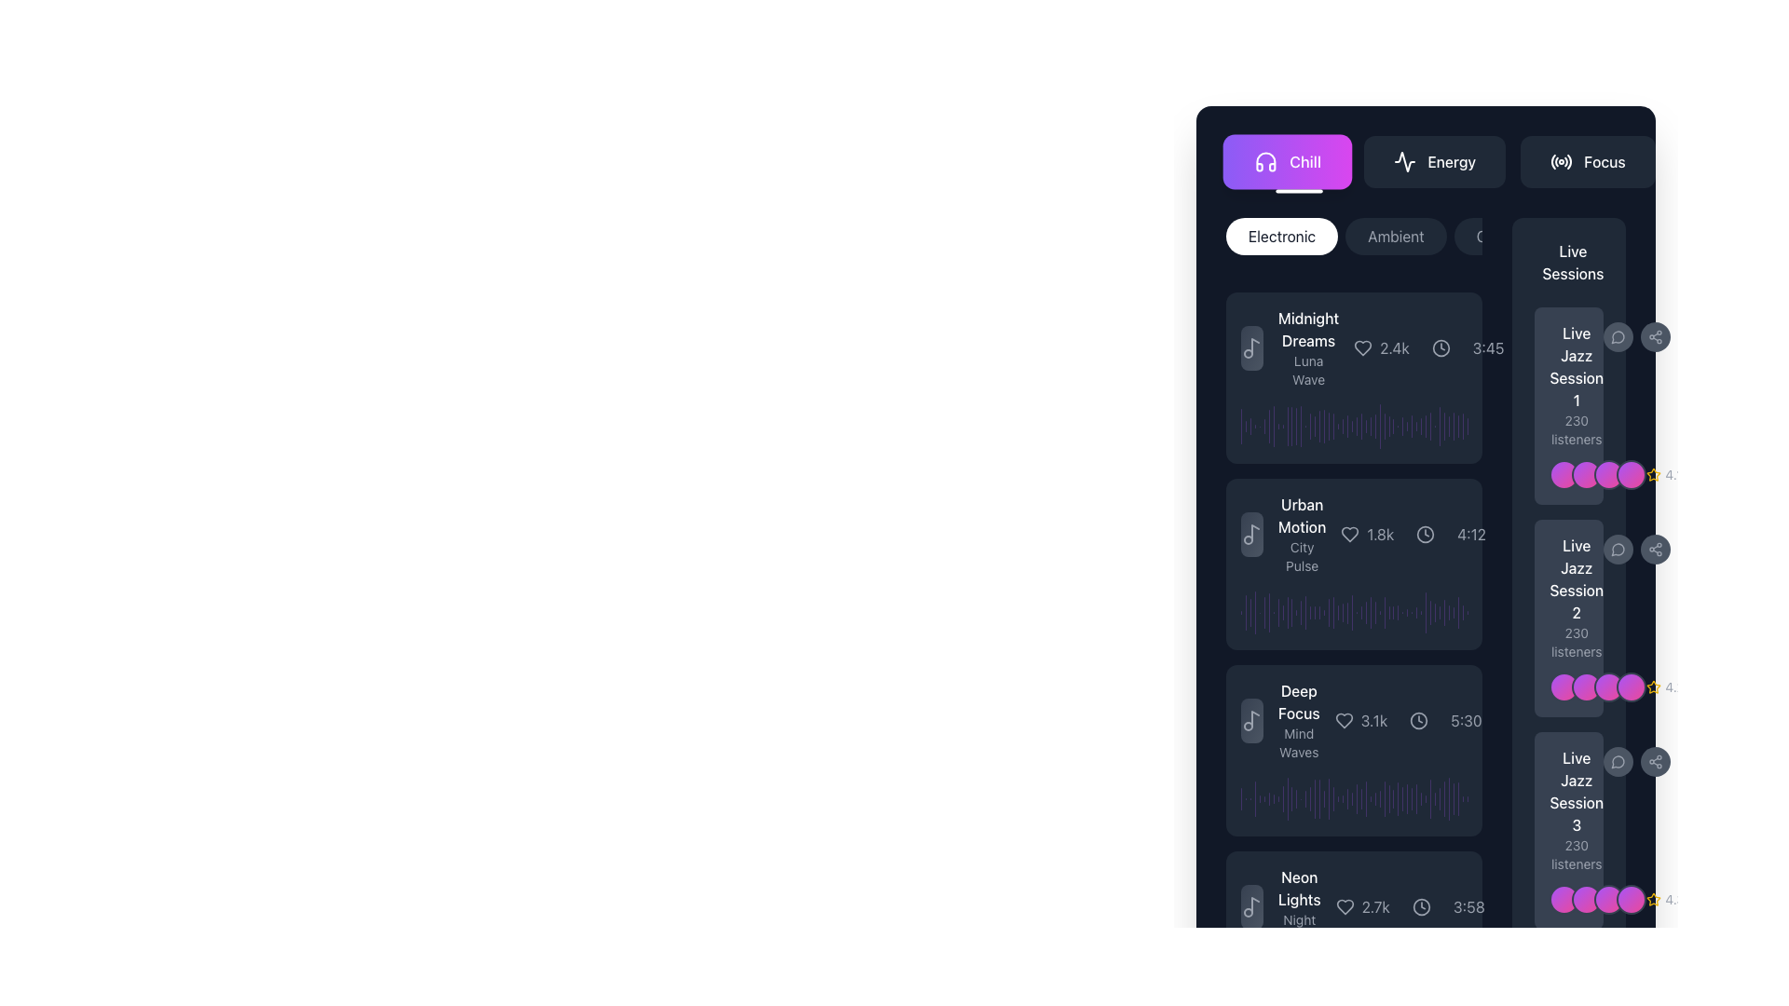  I want to click on the circular avatar indicator with gradient colors transitioning from purple to pink, which is the first in a group of four, associated with 'Live Jazz Session 2' in the 'Live Sessions' section, so click(1564, 687).